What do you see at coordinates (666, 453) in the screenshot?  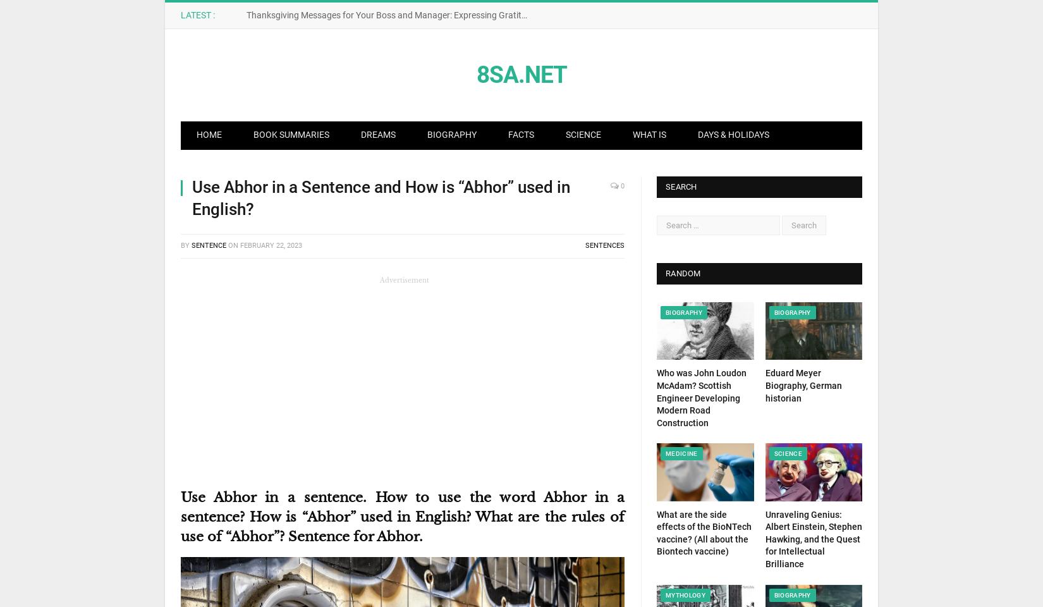 I see `'Medicine'` at bounding box center [666, 453].